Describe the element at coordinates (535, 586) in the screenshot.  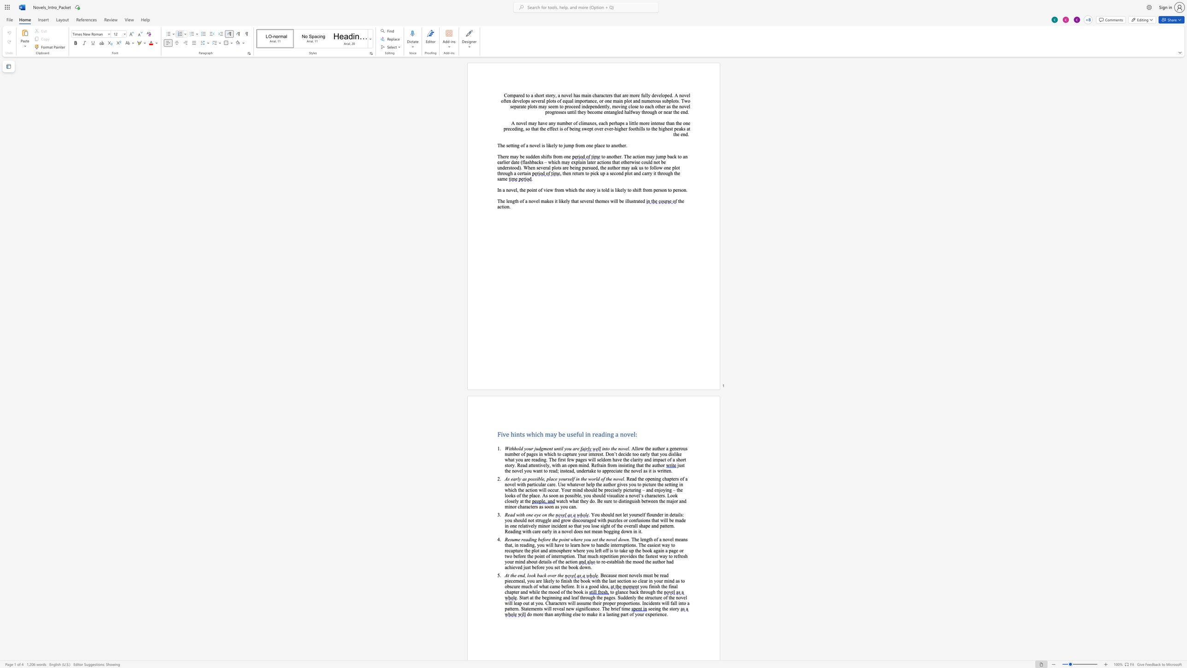
I see `the space between the continuous character "o" and "f" in the text` at that location.